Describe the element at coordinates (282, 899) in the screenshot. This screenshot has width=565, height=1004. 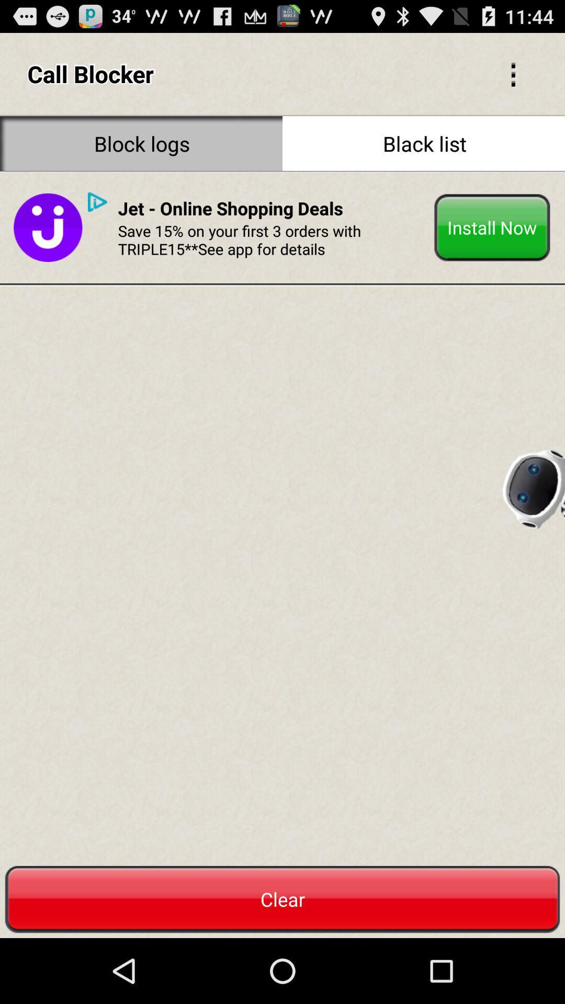
I see `clear which is at bottom of the page` at that location.